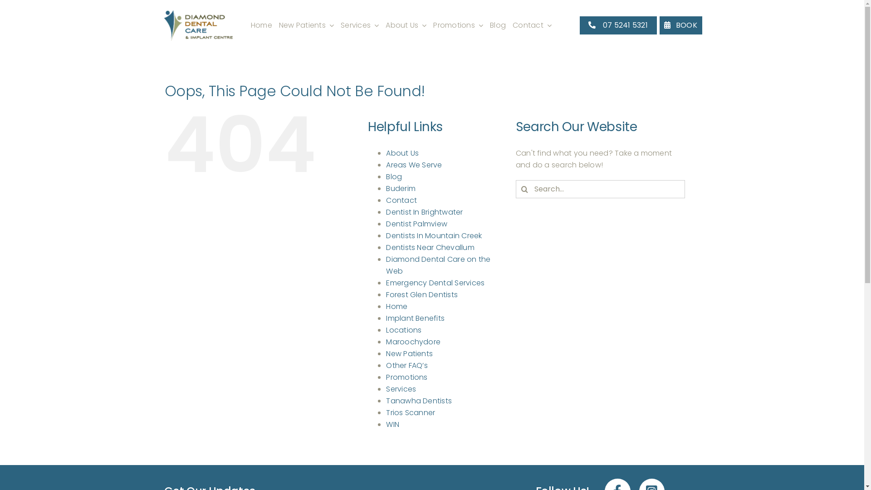  Describe the element at coordinates (430, 247) in the screenshot. I see `'Dentists Near Chevallum'` at that location.